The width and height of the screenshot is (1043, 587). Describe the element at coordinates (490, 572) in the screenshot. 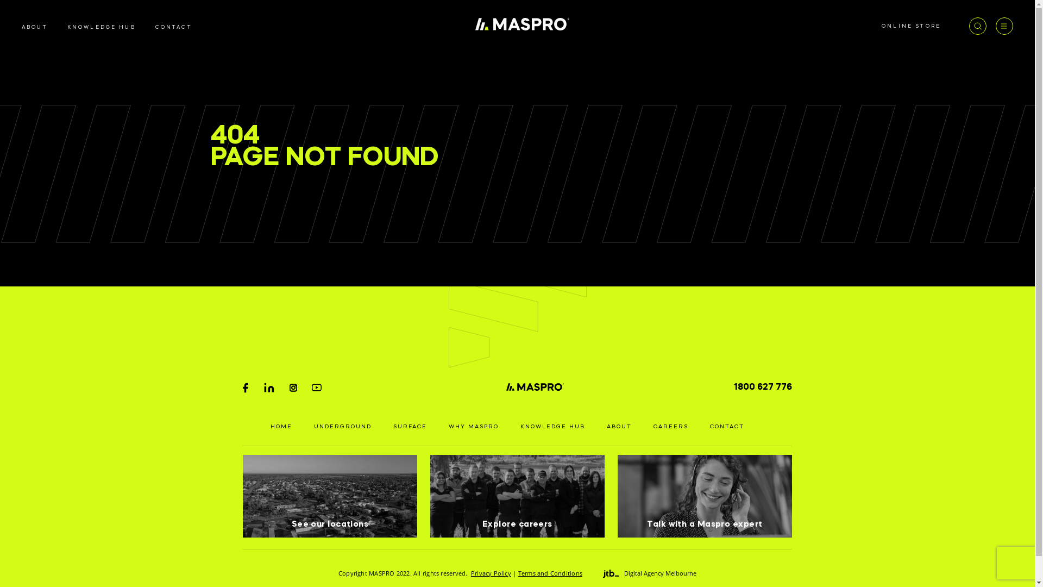

I see `'Privacy Policy'` at that location.